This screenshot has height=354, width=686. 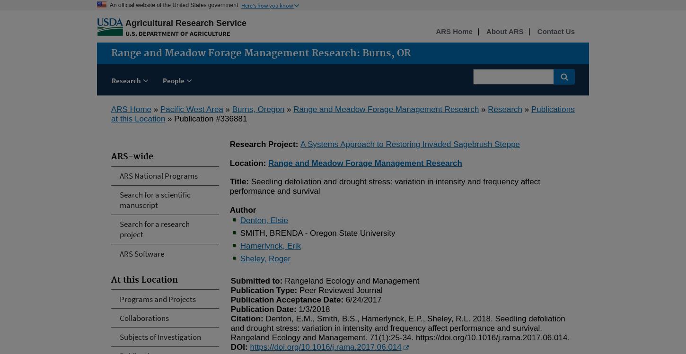 I want to click on 'Pacific West Area', so click(x=191, y=109).